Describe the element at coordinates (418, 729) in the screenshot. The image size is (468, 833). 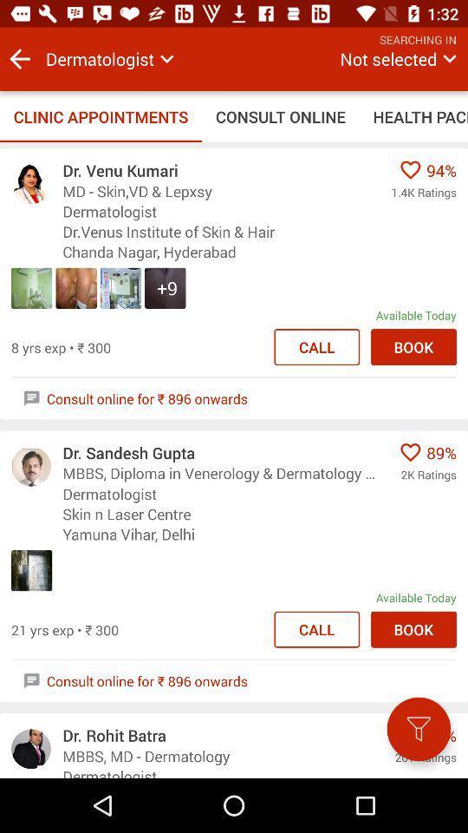
I see `the icon next to the dr. rohit batra` at that location.